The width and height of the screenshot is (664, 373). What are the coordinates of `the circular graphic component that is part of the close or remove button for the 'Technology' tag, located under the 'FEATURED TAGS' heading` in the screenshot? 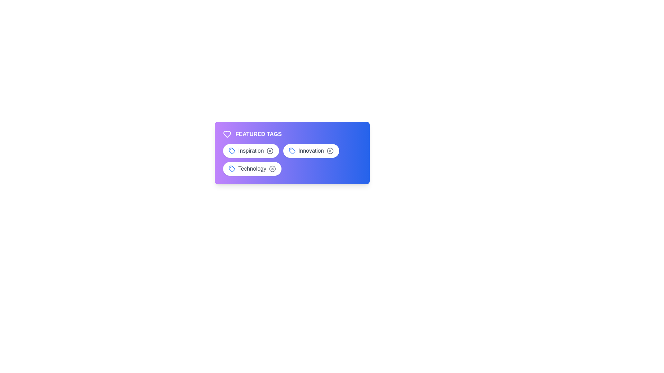 It's located at (272, 169).